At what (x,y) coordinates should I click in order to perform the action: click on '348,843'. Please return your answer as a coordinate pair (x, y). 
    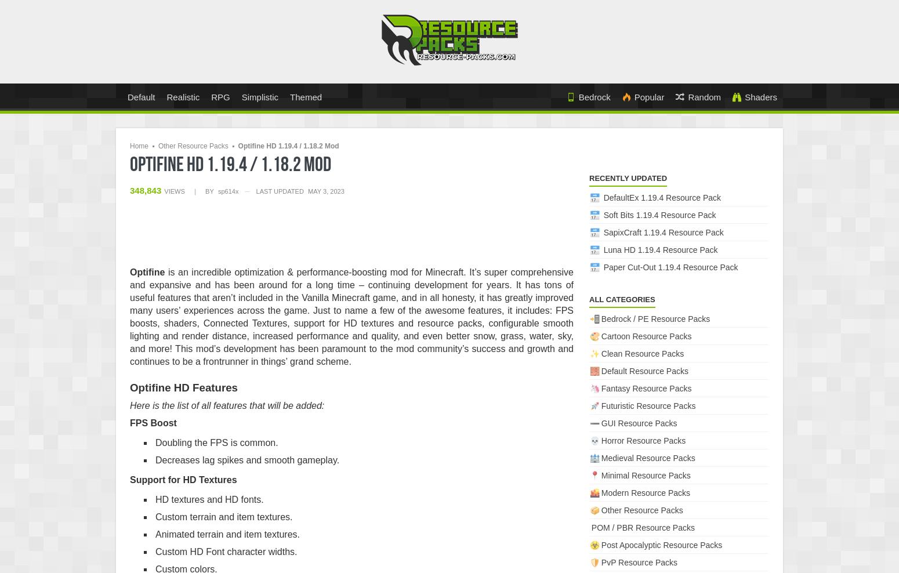
    Looking at the image, I should click on (145, 190).